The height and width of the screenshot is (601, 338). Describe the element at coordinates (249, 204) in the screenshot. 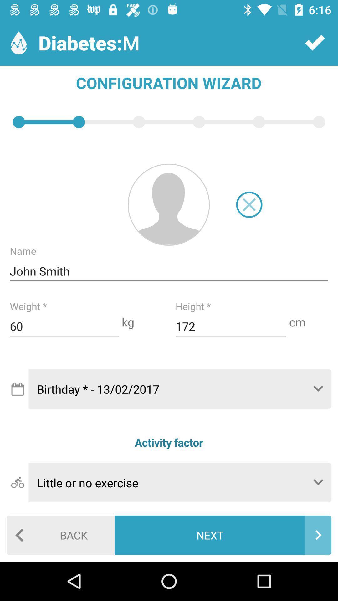

I see `cancel image` at that location.